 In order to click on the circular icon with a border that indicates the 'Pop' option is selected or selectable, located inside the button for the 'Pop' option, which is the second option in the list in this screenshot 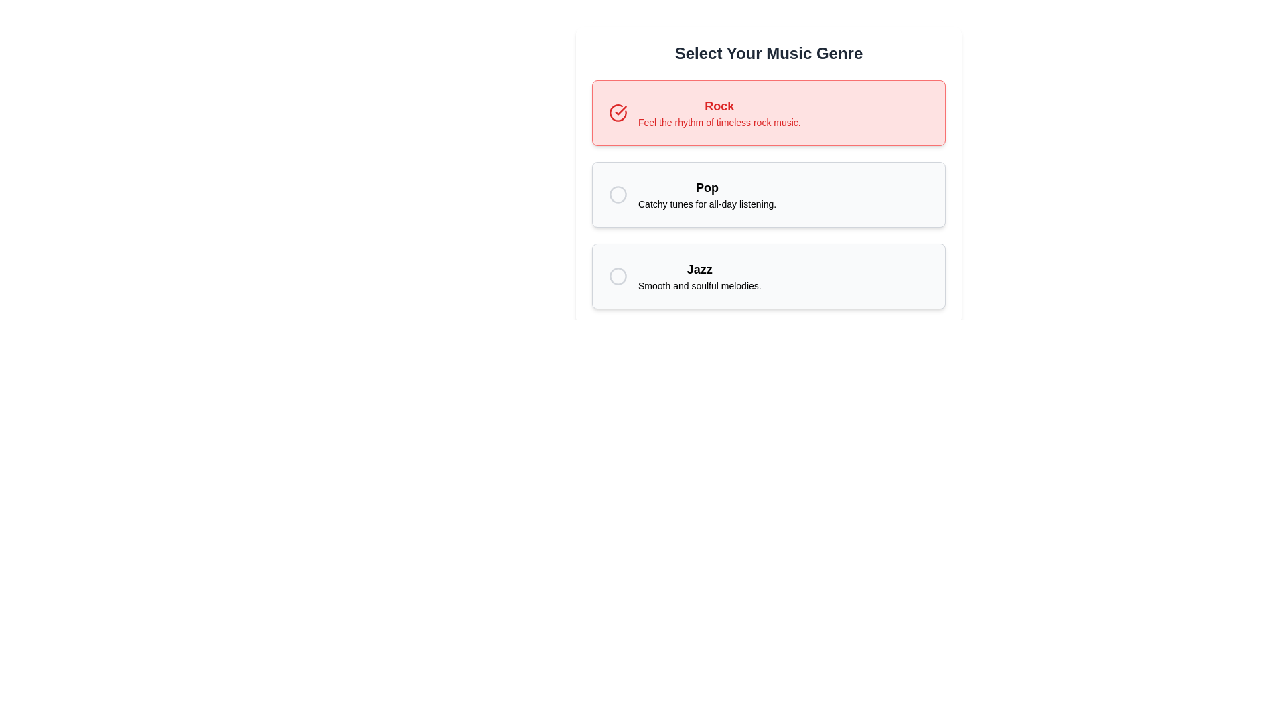, I will do `click(617, 194)`.